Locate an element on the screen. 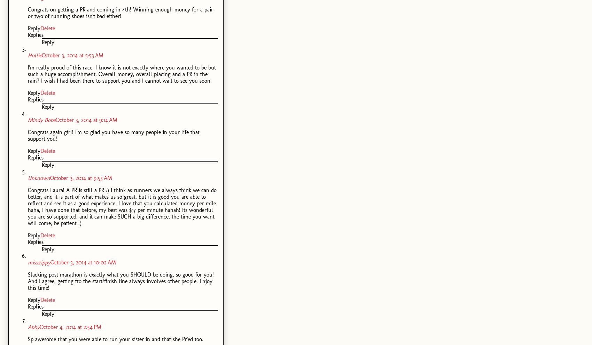 This screenshot has height=345, width=592. 'I'm really proud of this race.  I know it is not exactly where you wanted to be but such a huge accomplishment.  Overall money, overall placing and a PR in the rain?  I wish I had been there to support you and I cannot wait to see you soon.' is located at coordinates (122, 74).